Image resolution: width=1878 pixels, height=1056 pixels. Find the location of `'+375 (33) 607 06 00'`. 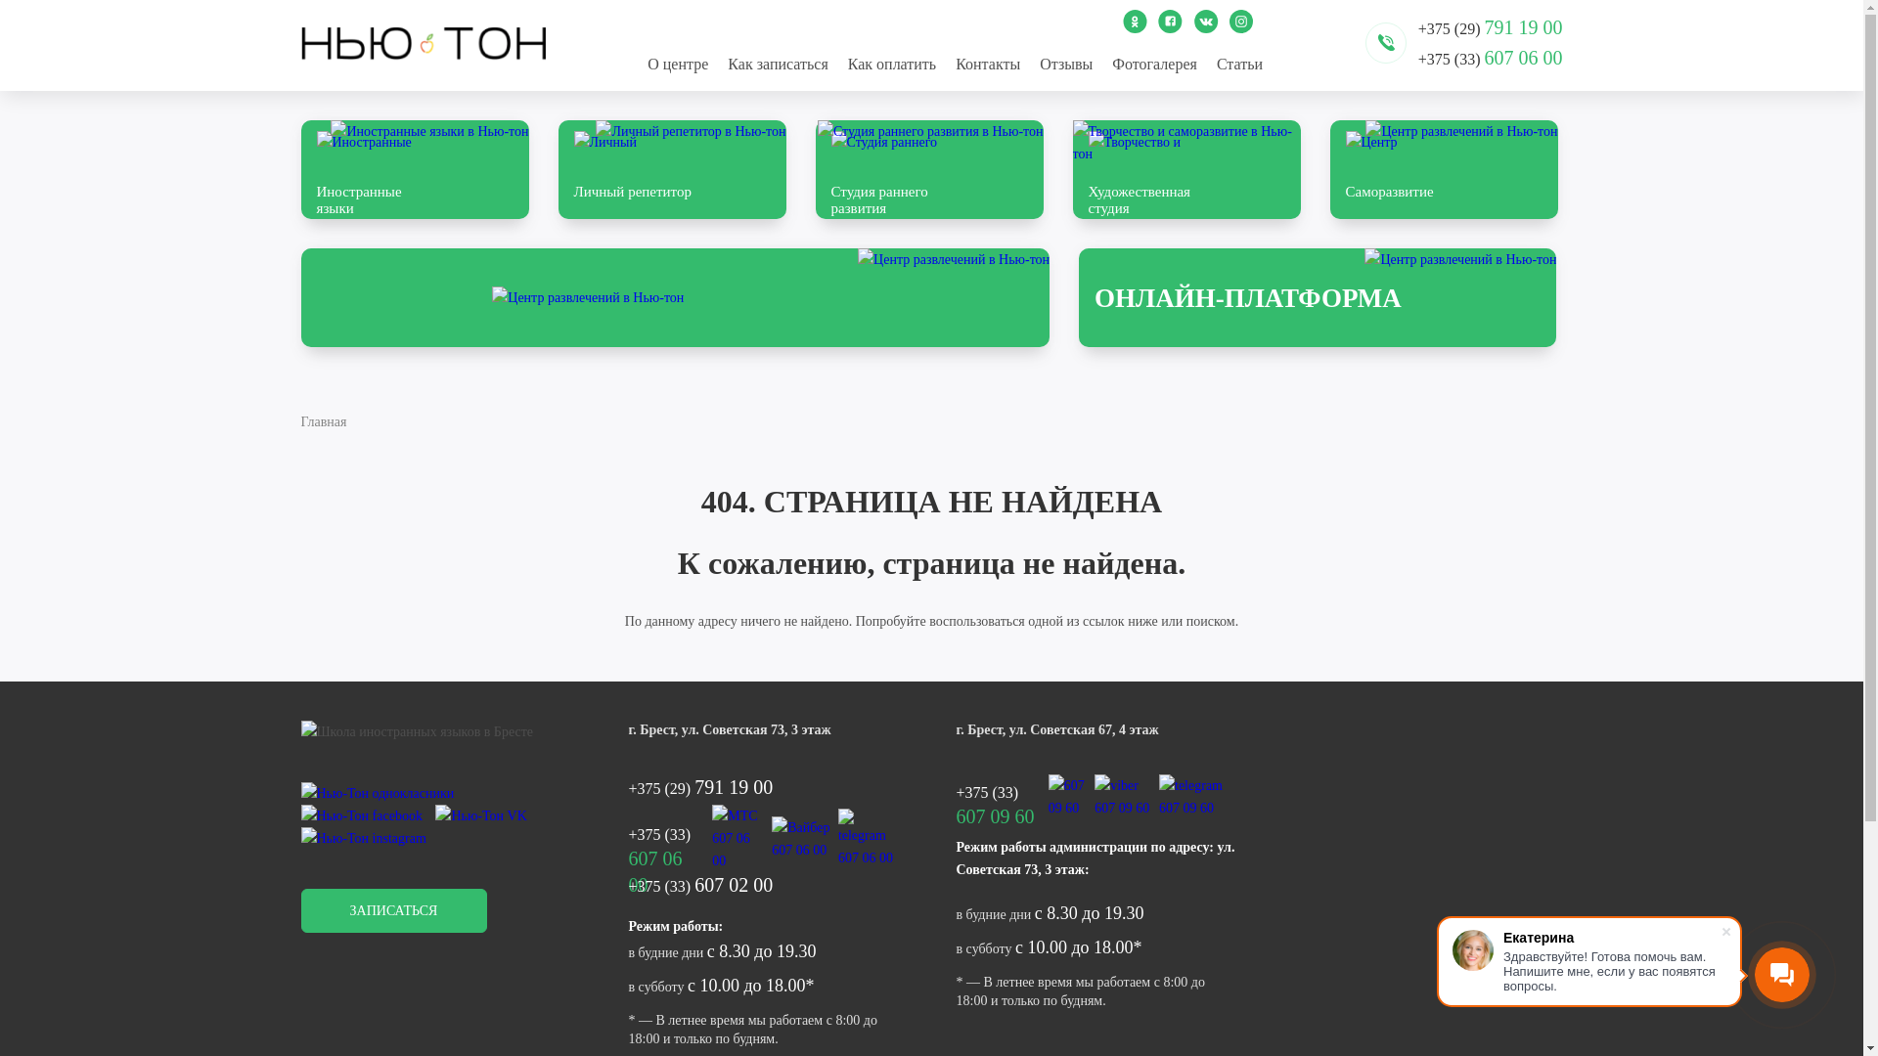

'+375 (33) 607 06 00' is located at coordinates (1417, 57).